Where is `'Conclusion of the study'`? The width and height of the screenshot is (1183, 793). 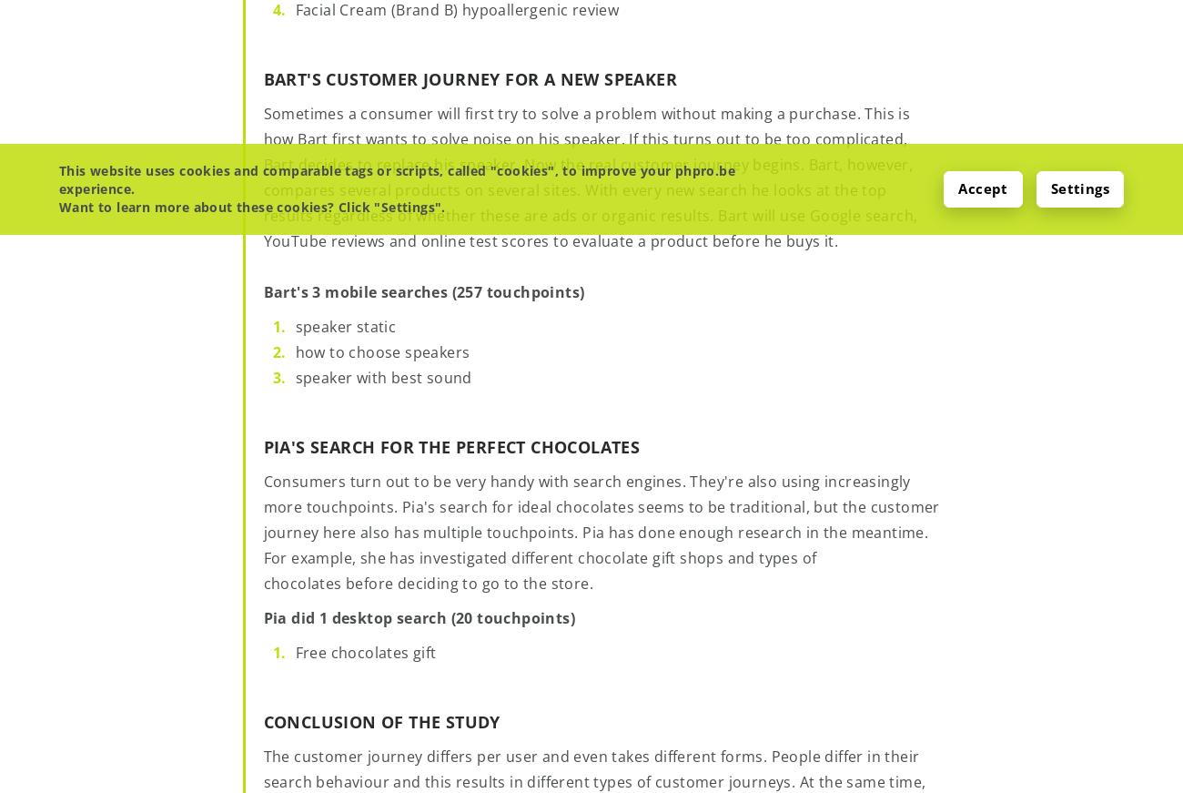 'Conclusion of the study' is located at coordinates (380, 721).